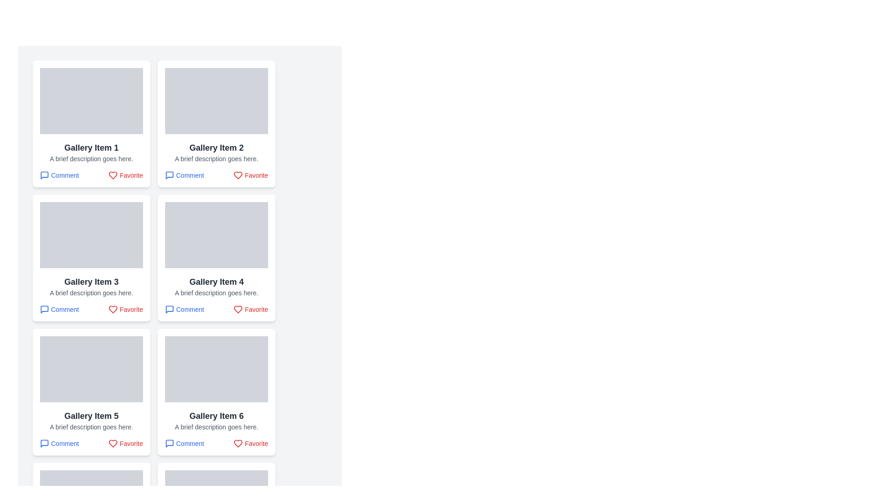  Describe the element at coordinates (59, 443) in the screenshot. I see `the interactive link labeled 'Comment' with a speech bubble icon in the lower-left corner of 'Gallery Item 5'` at that location.